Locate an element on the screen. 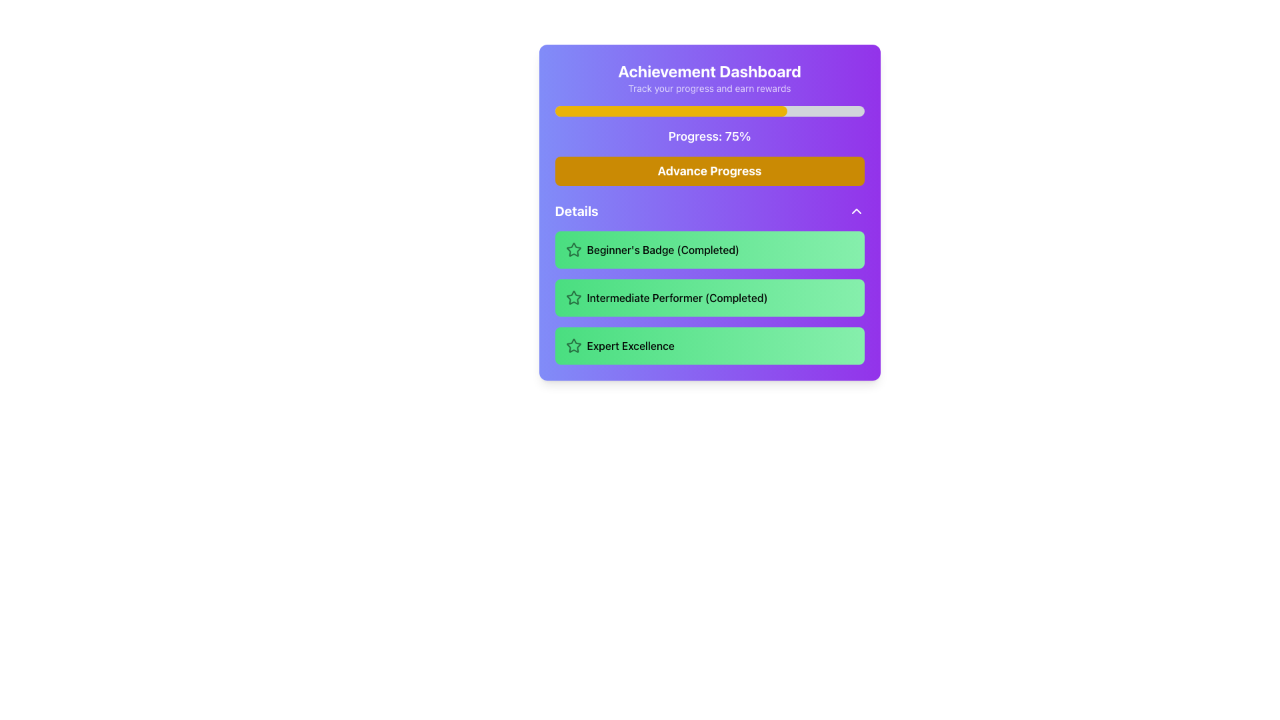  the text label that reads 'Beginner's Badge (Completed)', which is styled with a medium-weight font on a green background, located under the section titled 'Details' is located at coordinates (663, 249).